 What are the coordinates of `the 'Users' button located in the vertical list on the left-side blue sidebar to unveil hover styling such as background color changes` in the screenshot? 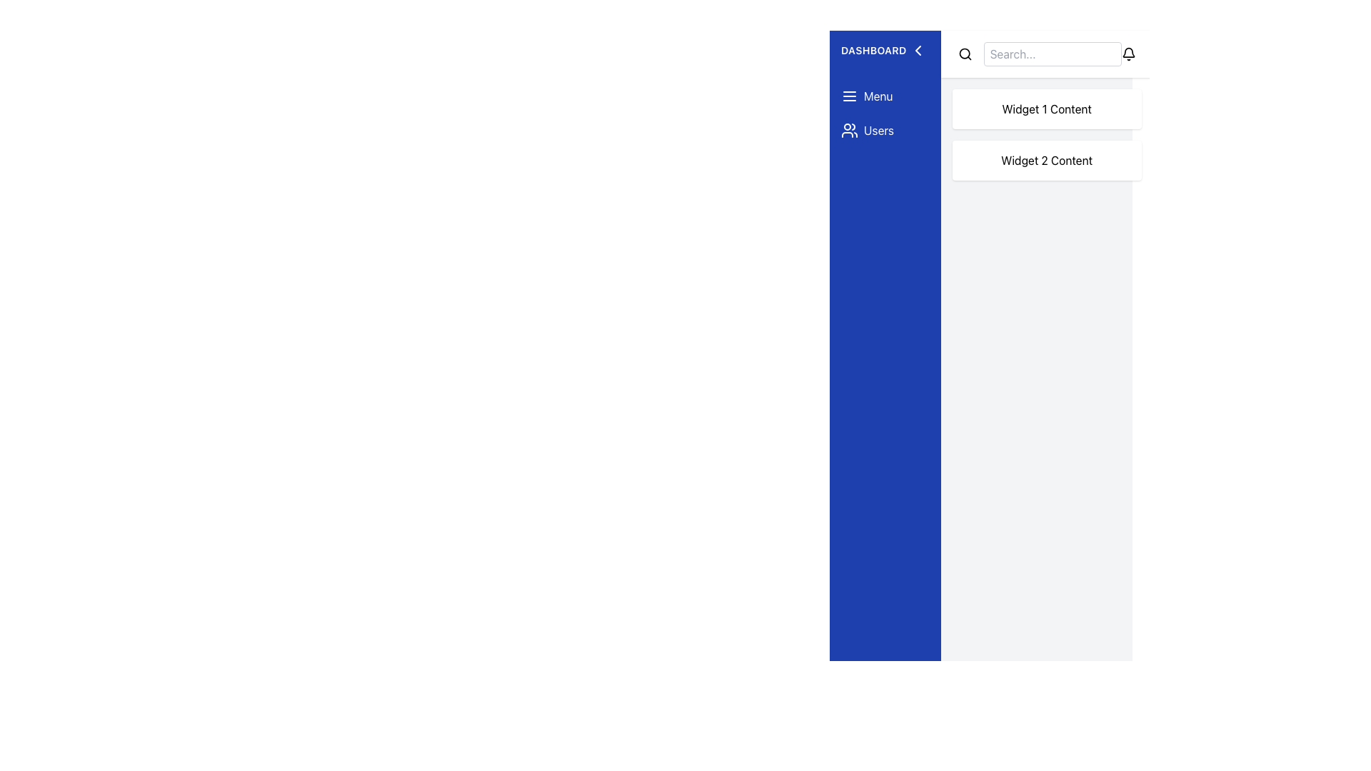 It's located at (884, 130).